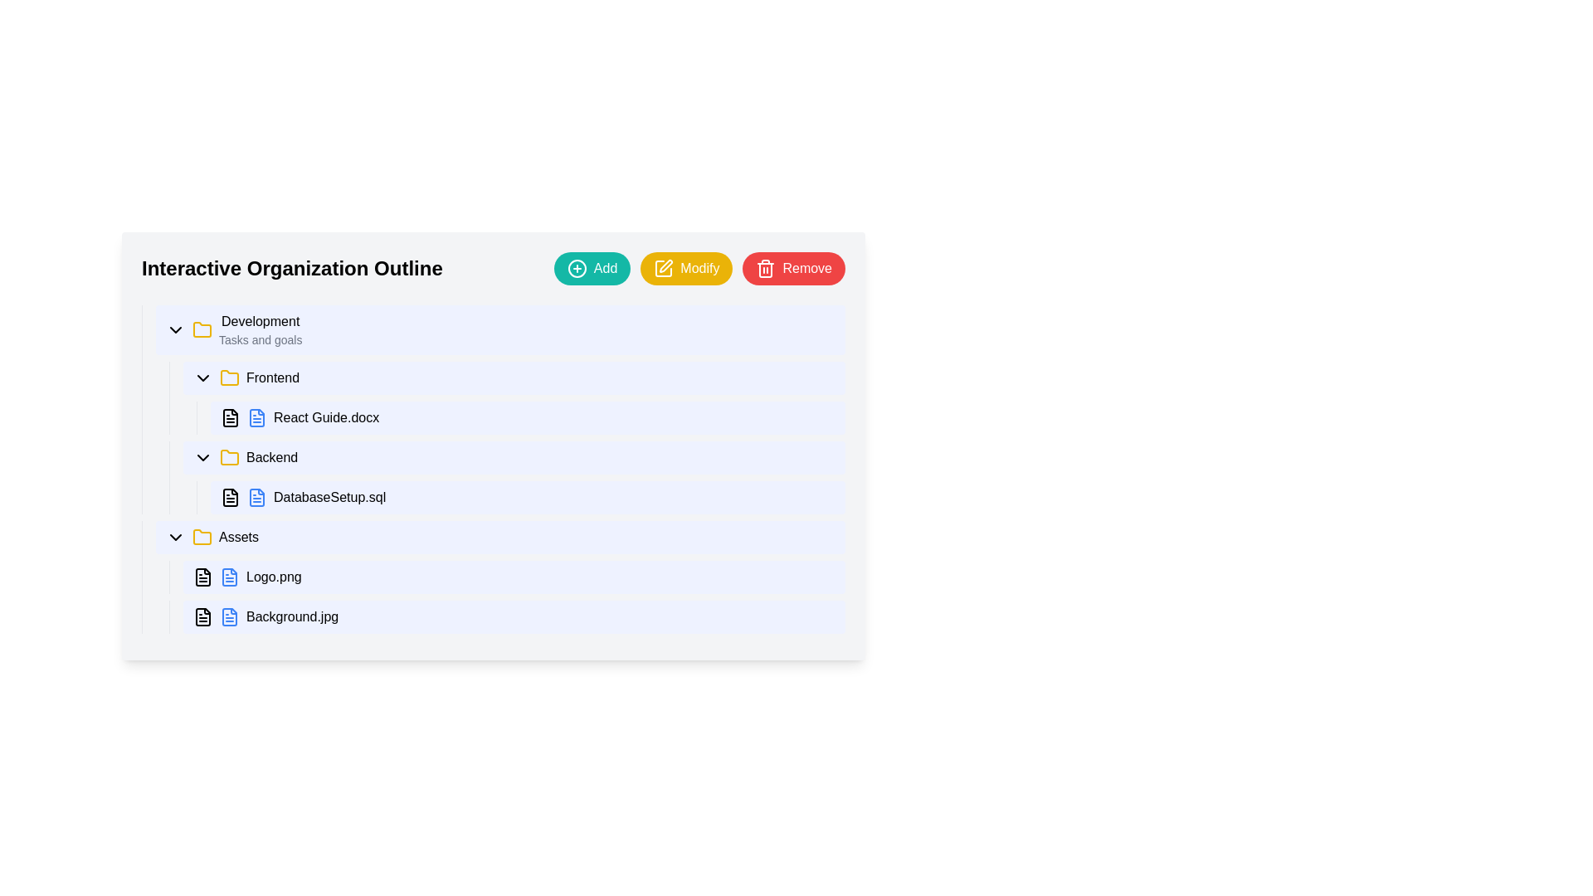  I want to click on the icon representing the file named 'DatabaseSetup.sql' located under the 'Backend' section, so click(256, 497).